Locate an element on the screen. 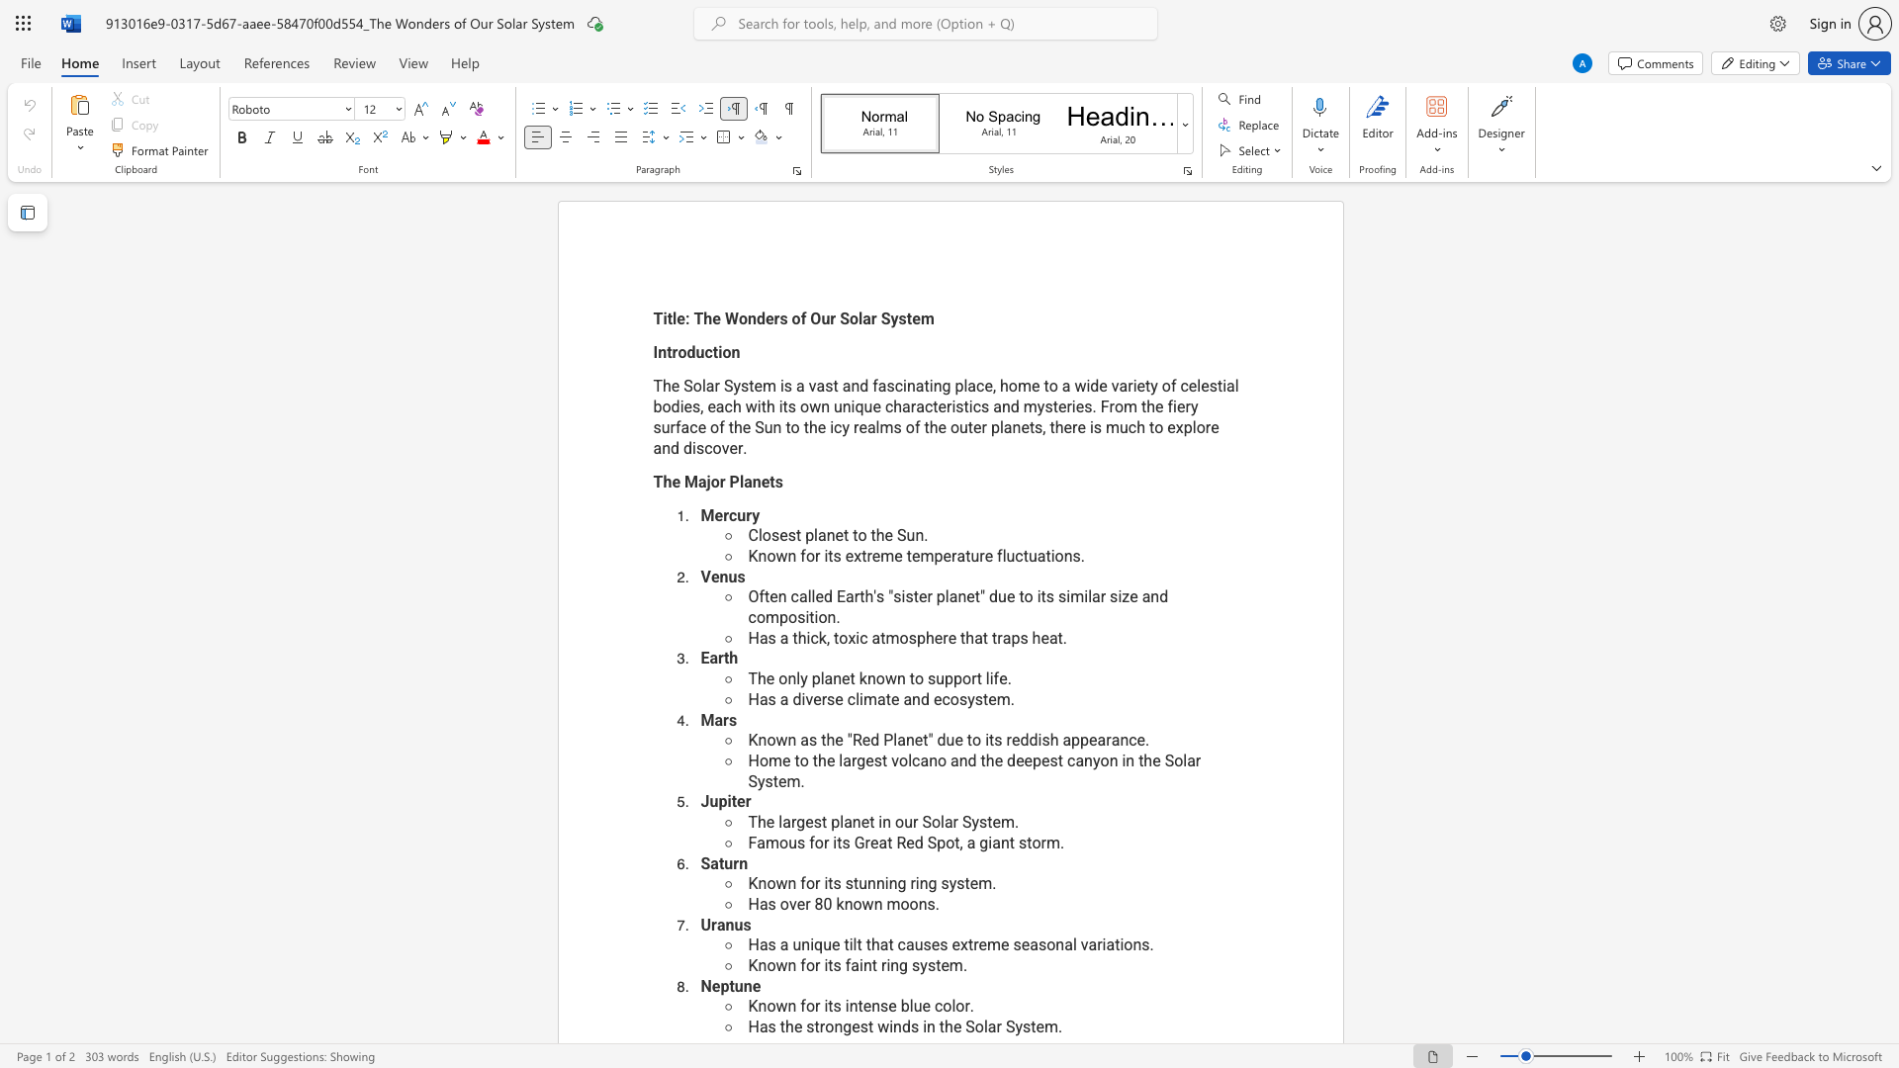  the space between the continuous character "a" and "n" in the text is located at coordinates (826, 535).